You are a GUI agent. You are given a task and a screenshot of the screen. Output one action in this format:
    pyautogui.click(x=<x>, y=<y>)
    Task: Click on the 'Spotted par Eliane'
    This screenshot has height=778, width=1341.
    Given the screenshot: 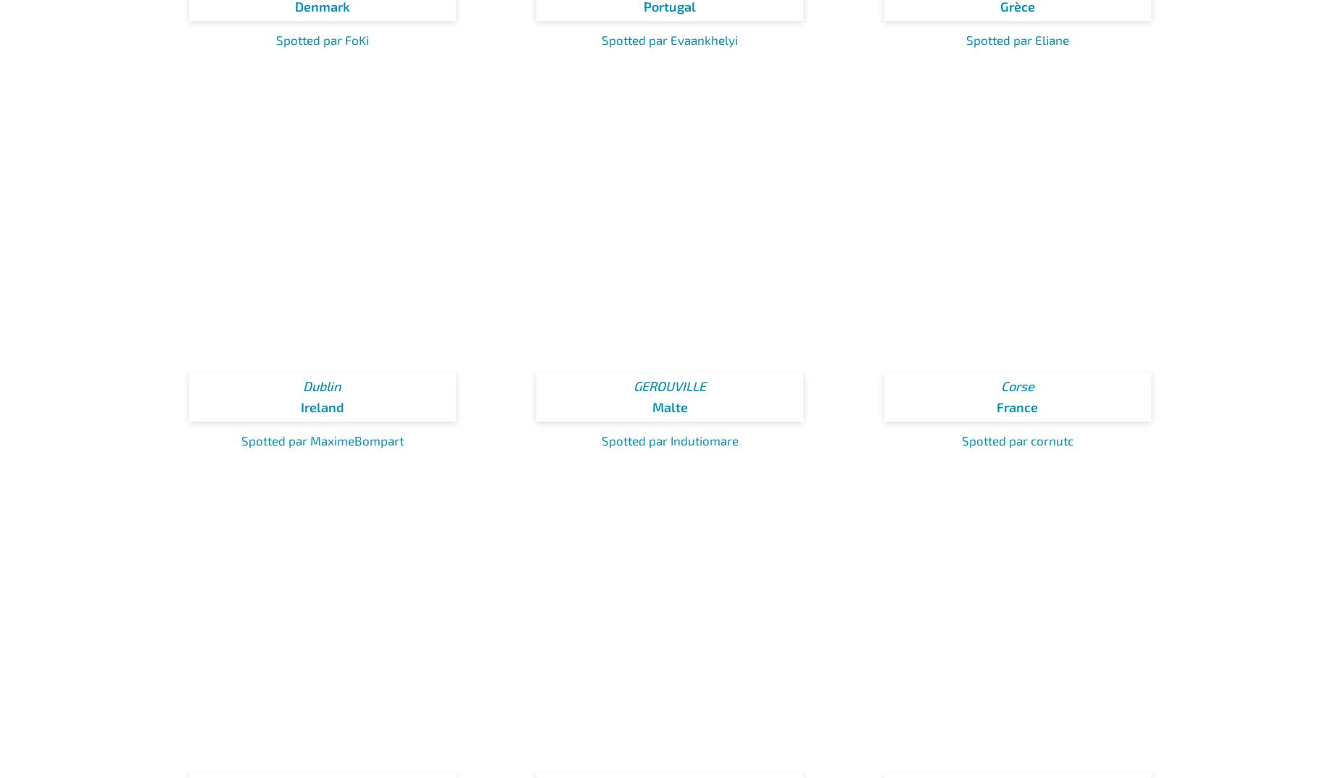 What is the action you would take?
    pyautogui.click(x=1017, y=38)
    